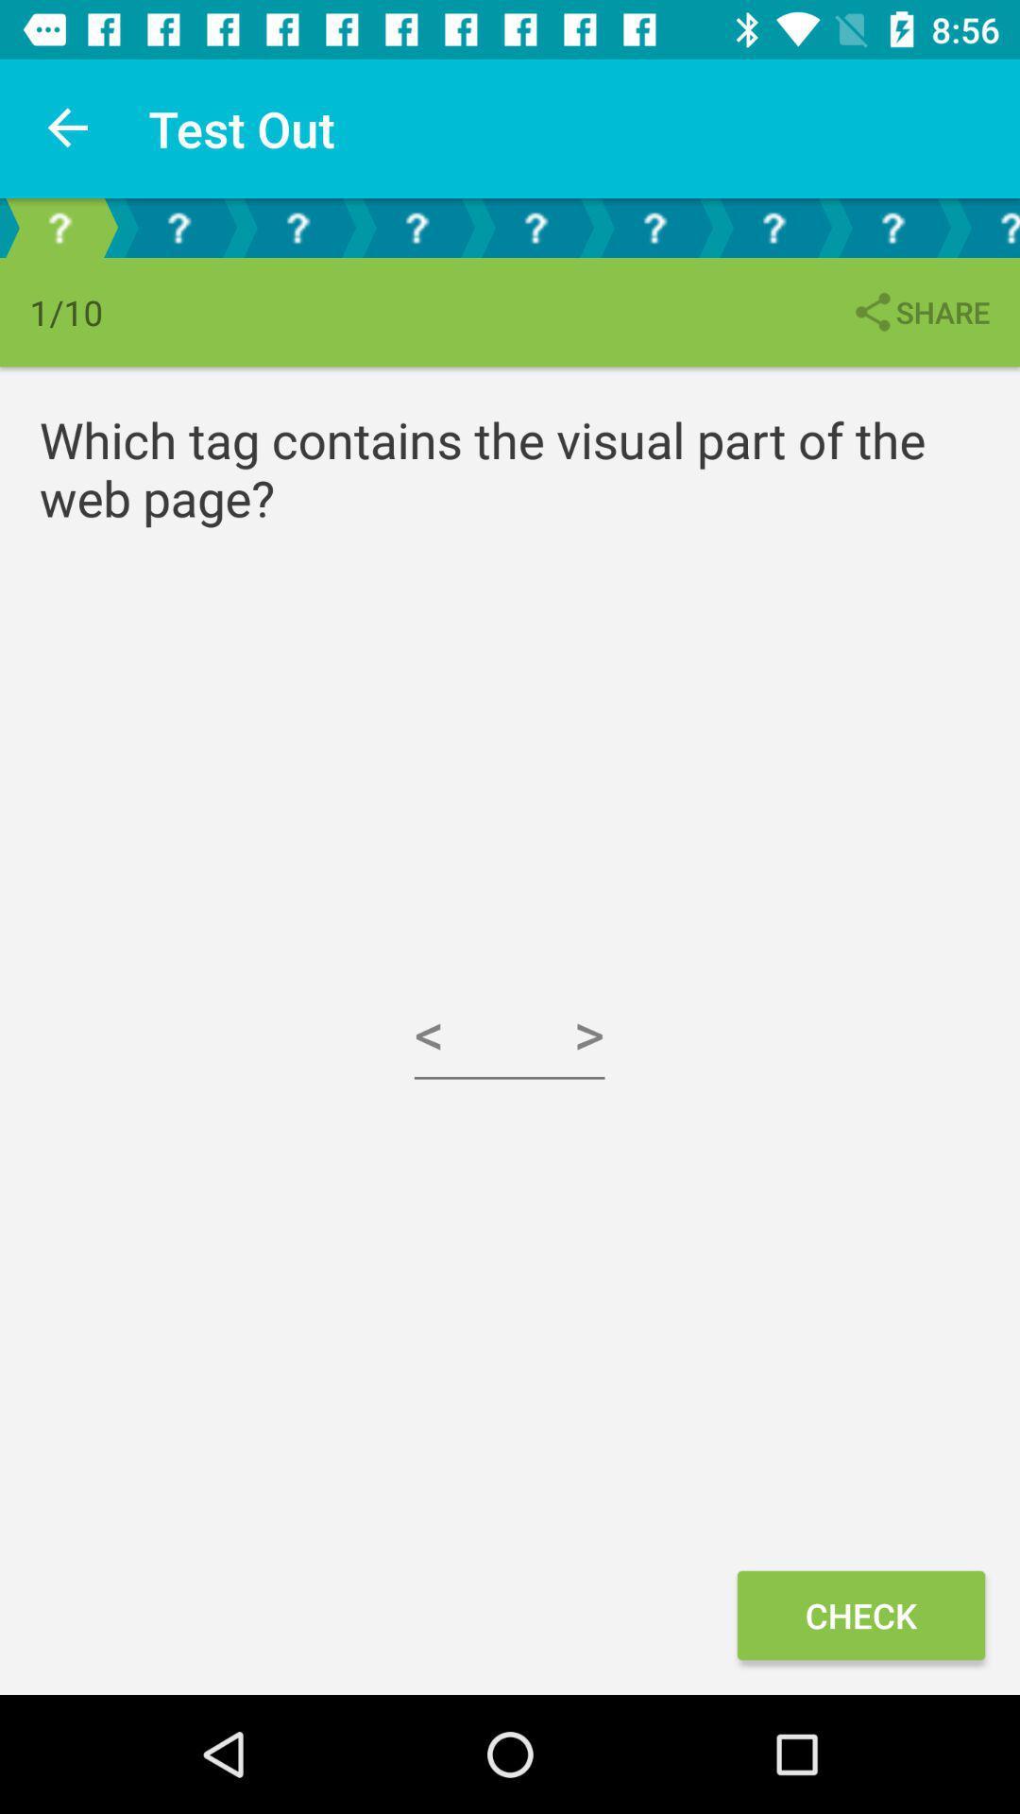 The width and height of the screenshot is (1020, 1814). I want to click on icon below the which tag contains icon, so click(508, 1032).